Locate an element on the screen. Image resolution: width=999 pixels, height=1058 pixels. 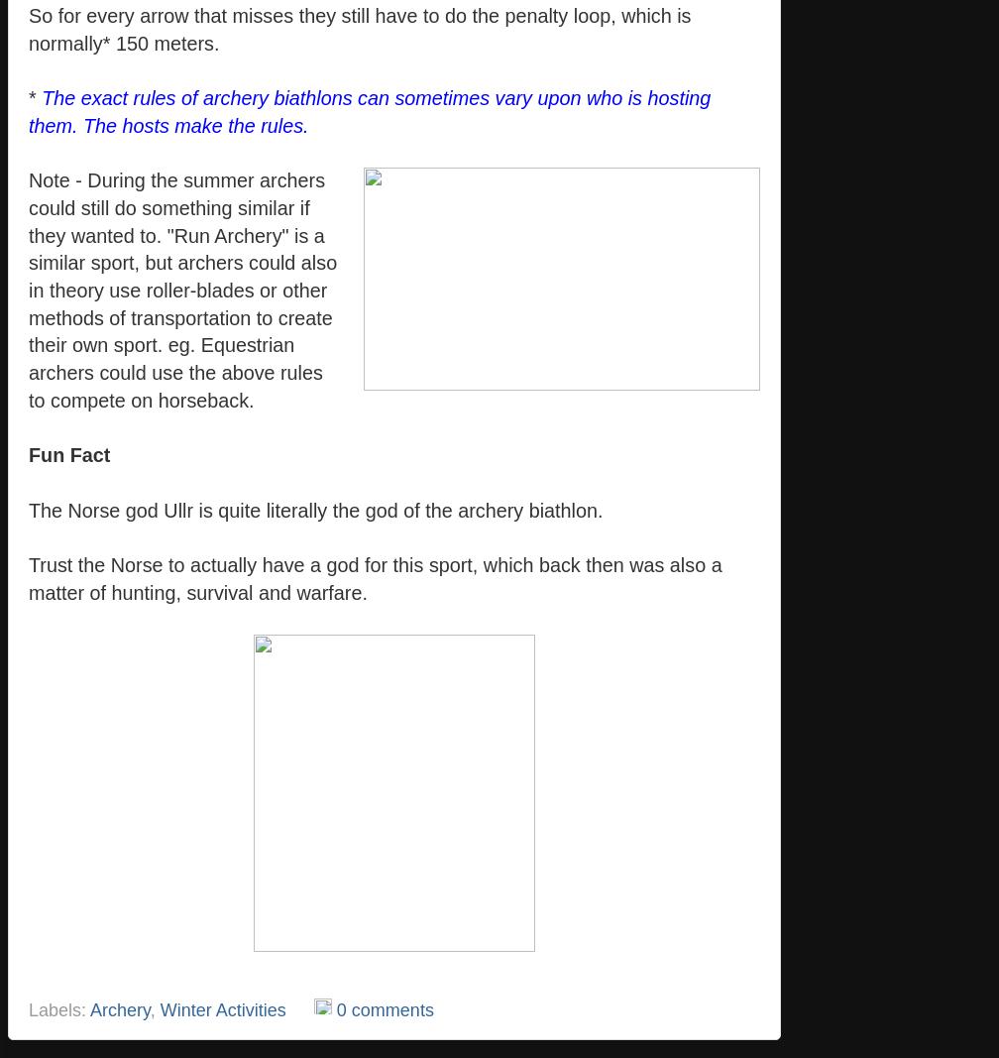
'*' is located at coordinates (35, 97).